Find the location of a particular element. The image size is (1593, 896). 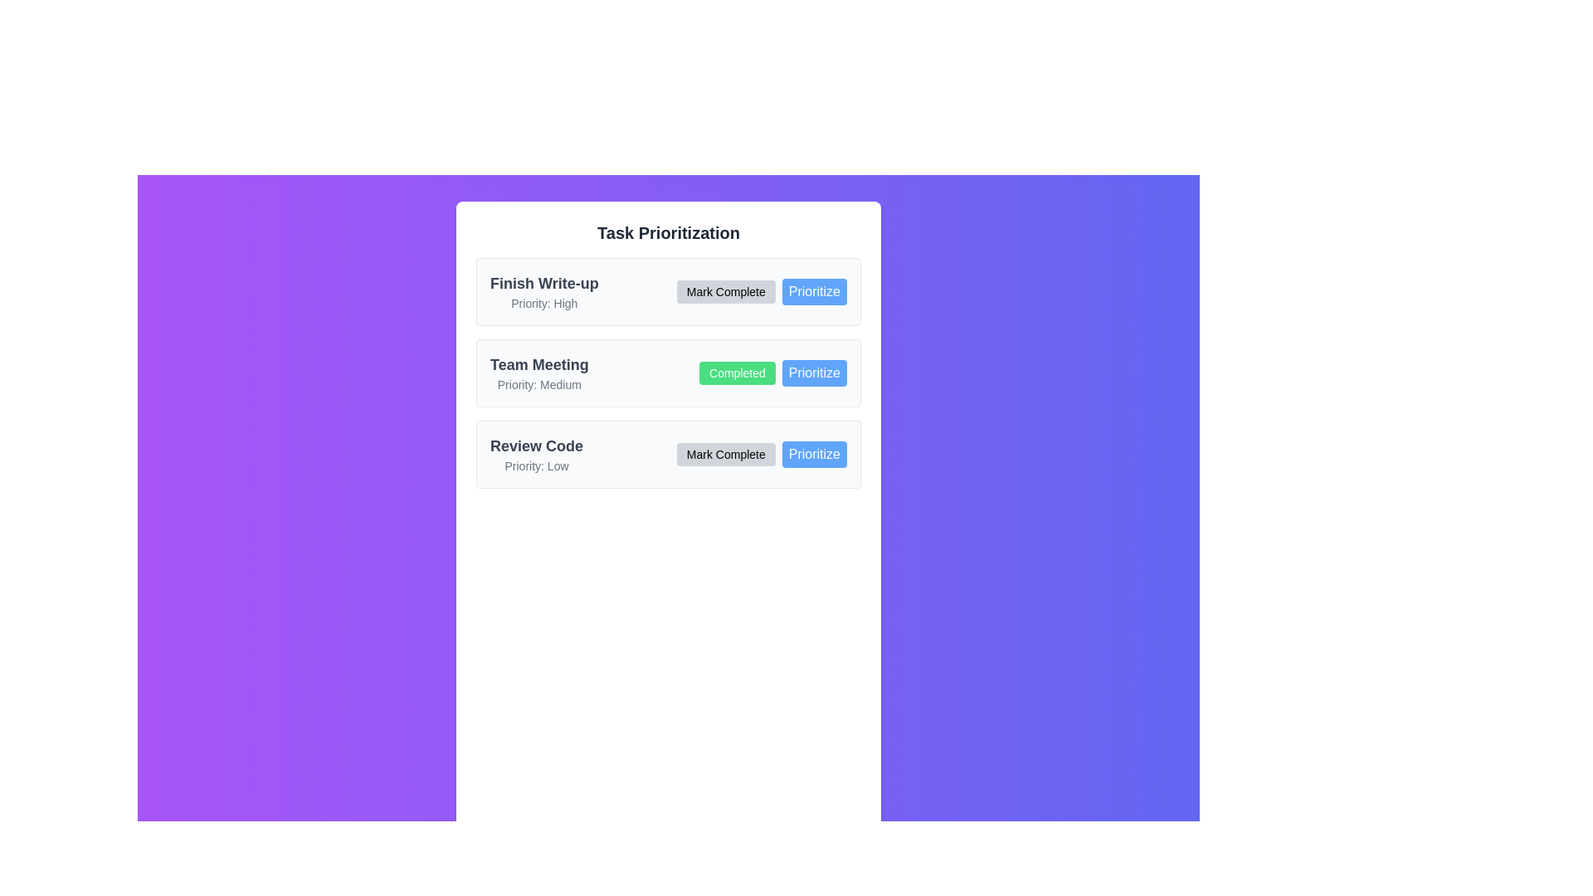

the 'Prioritize' button for the task labeled 'Finish Write-up' is located at coordinates (814, 290).